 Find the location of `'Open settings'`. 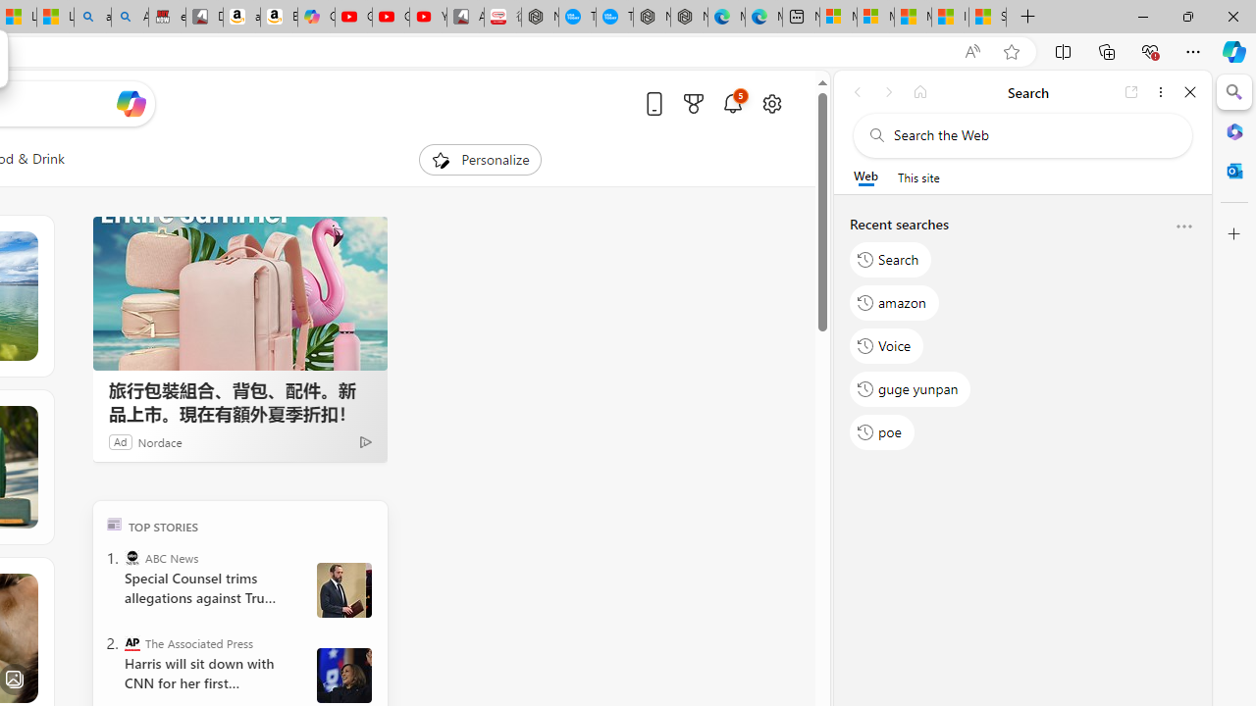

'Open settings' is located at coordinates (770, 103).